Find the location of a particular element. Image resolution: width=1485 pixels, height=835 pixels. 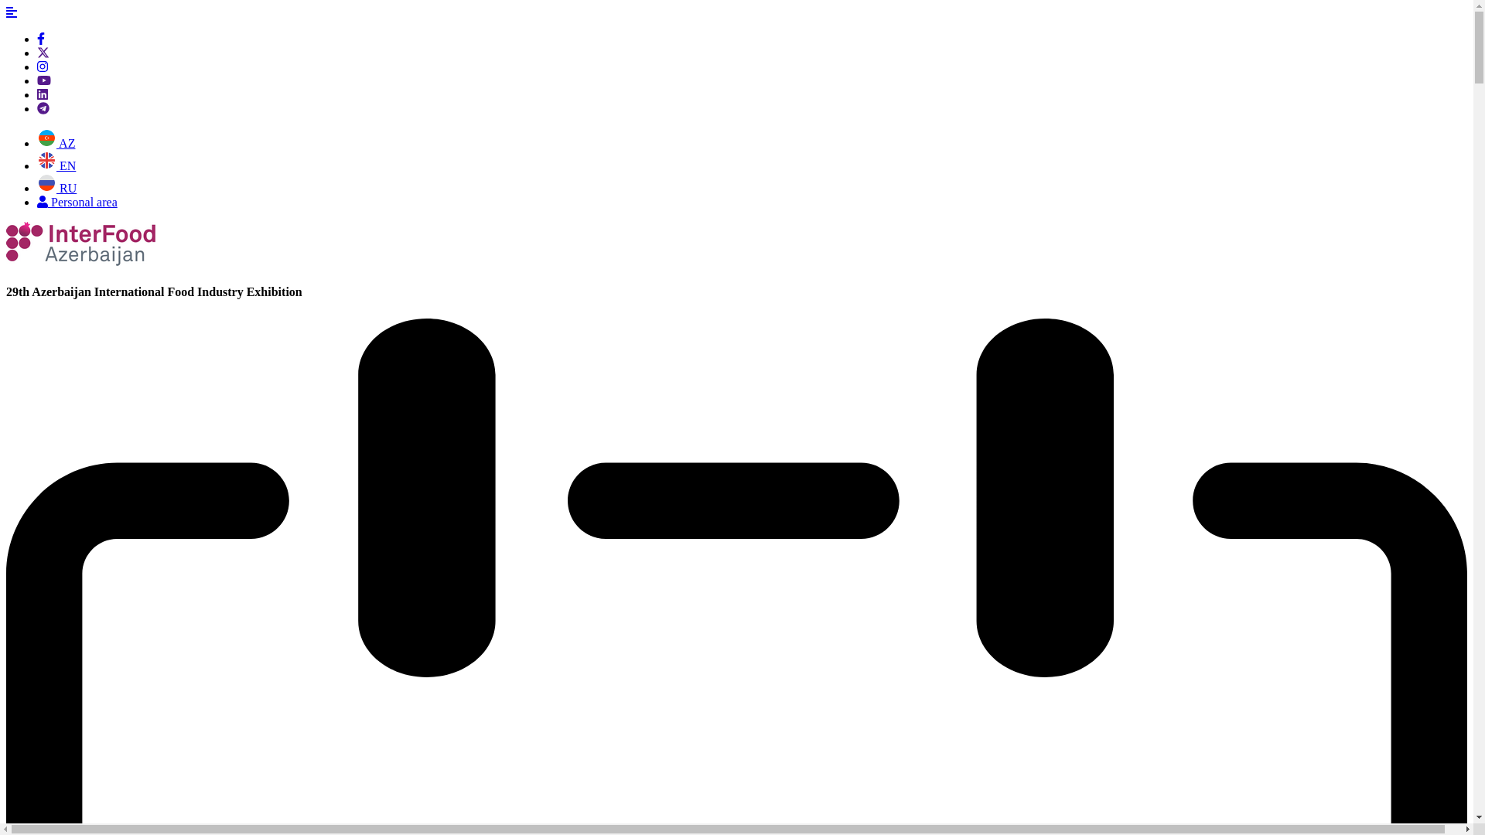

'Personal area' is located at coordinates (77, 201).